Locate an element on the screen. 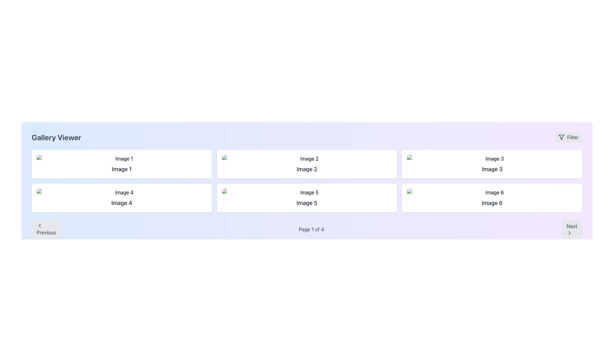  the 'Next' button, which is a rectangular button with a right-facing chevron icon and a light gray background, located at the bottom right of the interface is located at coordinates (572, 229).